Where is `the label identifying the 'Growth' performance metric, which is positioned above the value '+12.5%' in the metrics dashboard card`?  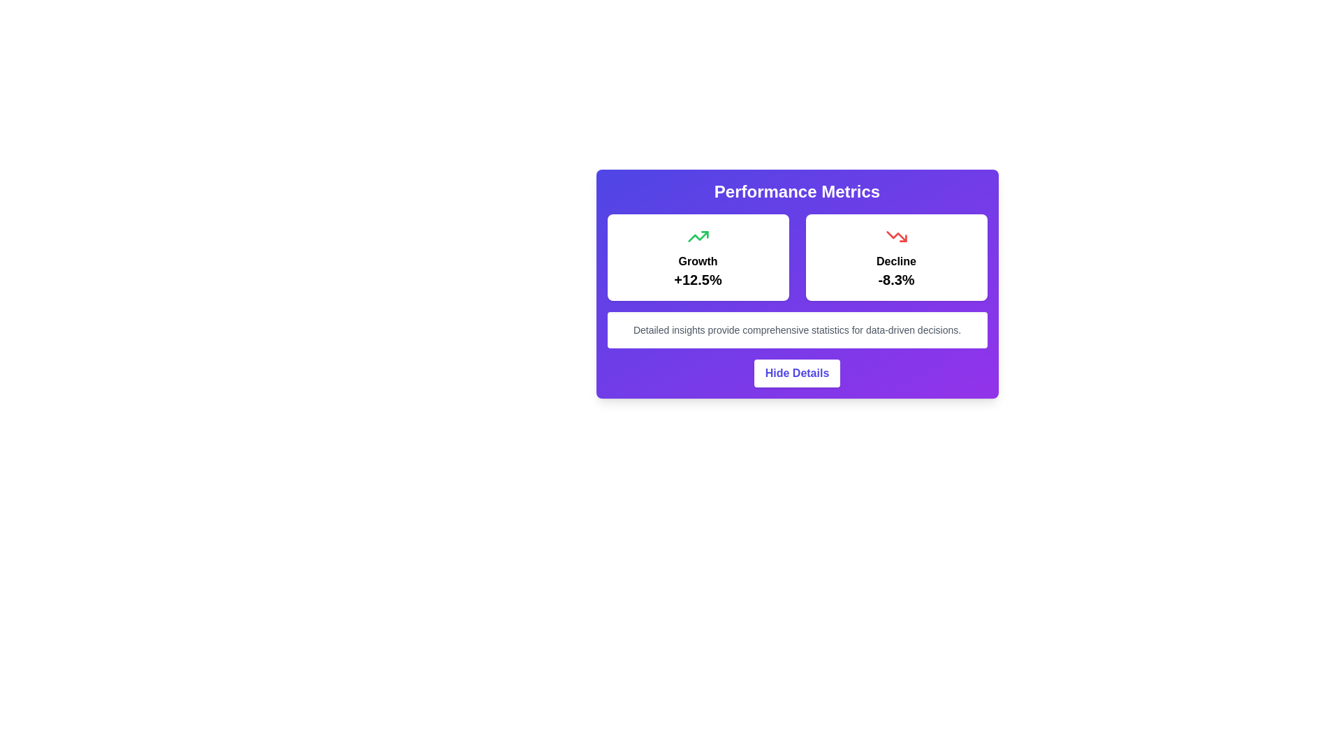
the label identifying the 'Growth' performance metric, which is positioned above the value '+12.5%' in the metrics dashboard card is located at coordinates (698, 261).